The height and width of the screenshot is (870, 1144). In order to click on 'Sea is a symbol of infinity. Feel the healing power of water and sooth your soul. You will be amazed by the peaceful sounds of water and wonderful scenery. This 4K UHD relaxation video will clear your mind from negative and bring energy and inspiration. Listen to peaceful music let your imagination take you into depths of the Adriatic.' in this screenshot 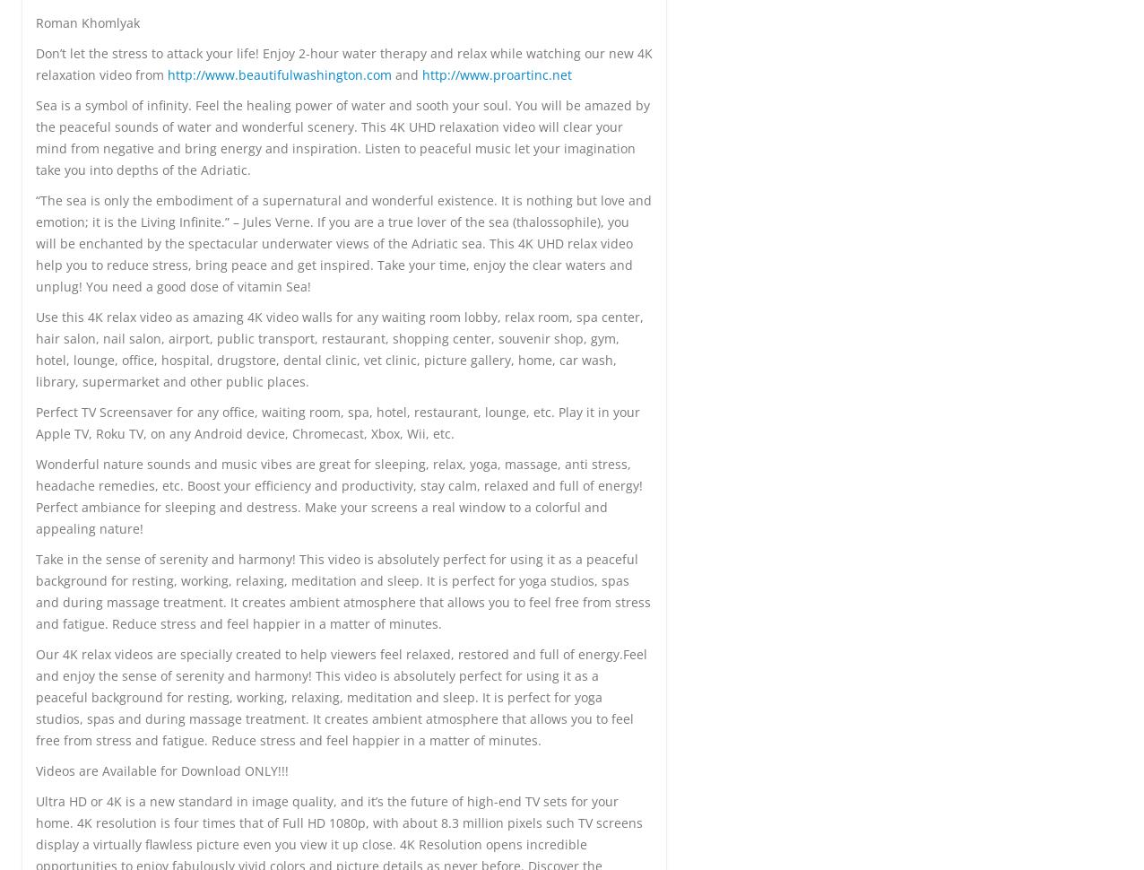, I will do `click(35, 135)`.